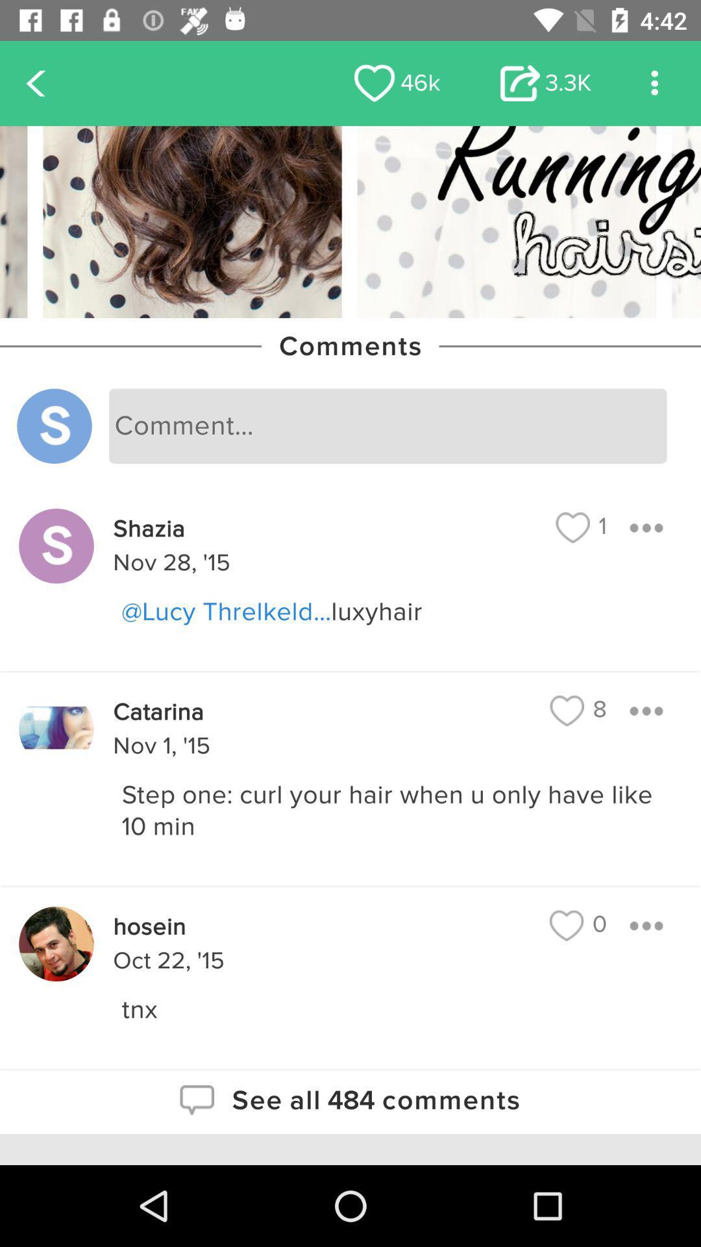  Describe the element at coordinates (387, 426) in the screenshot. I see `write a comment` at that location.